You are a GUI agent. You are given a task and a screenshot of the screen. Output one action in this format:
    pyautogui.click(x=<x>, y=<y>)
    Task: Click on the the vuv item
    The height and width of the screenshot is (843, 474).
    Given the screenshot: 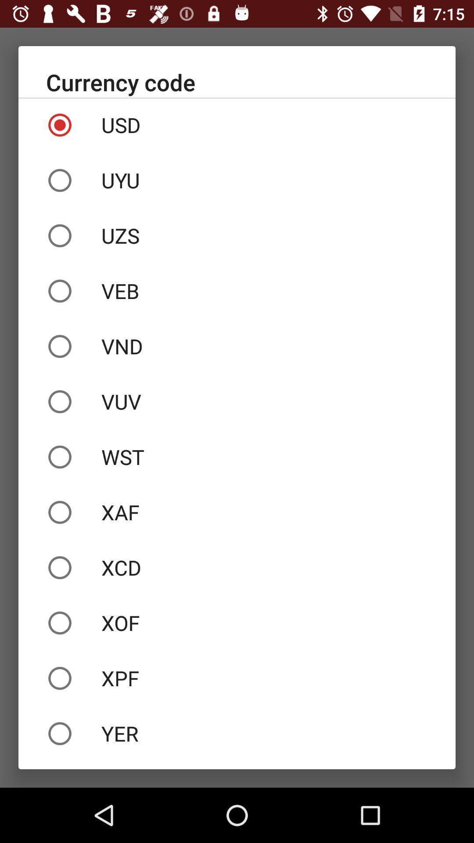 What is the action you would take?
    pyautogui.click(x=237, y=401)
    